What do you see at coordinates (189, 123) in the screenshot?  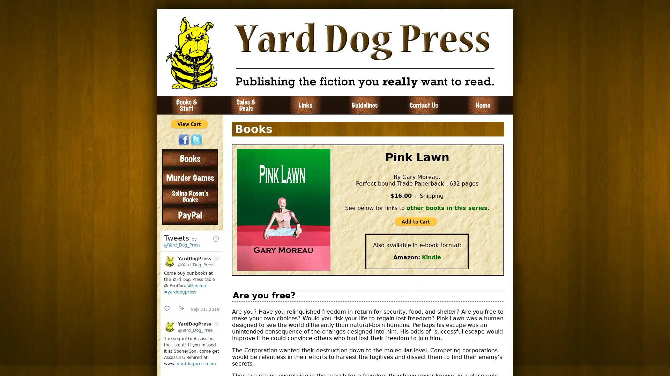 I see `PayPal - The safer, easier way to pay online` at bounding box center [189, 123].